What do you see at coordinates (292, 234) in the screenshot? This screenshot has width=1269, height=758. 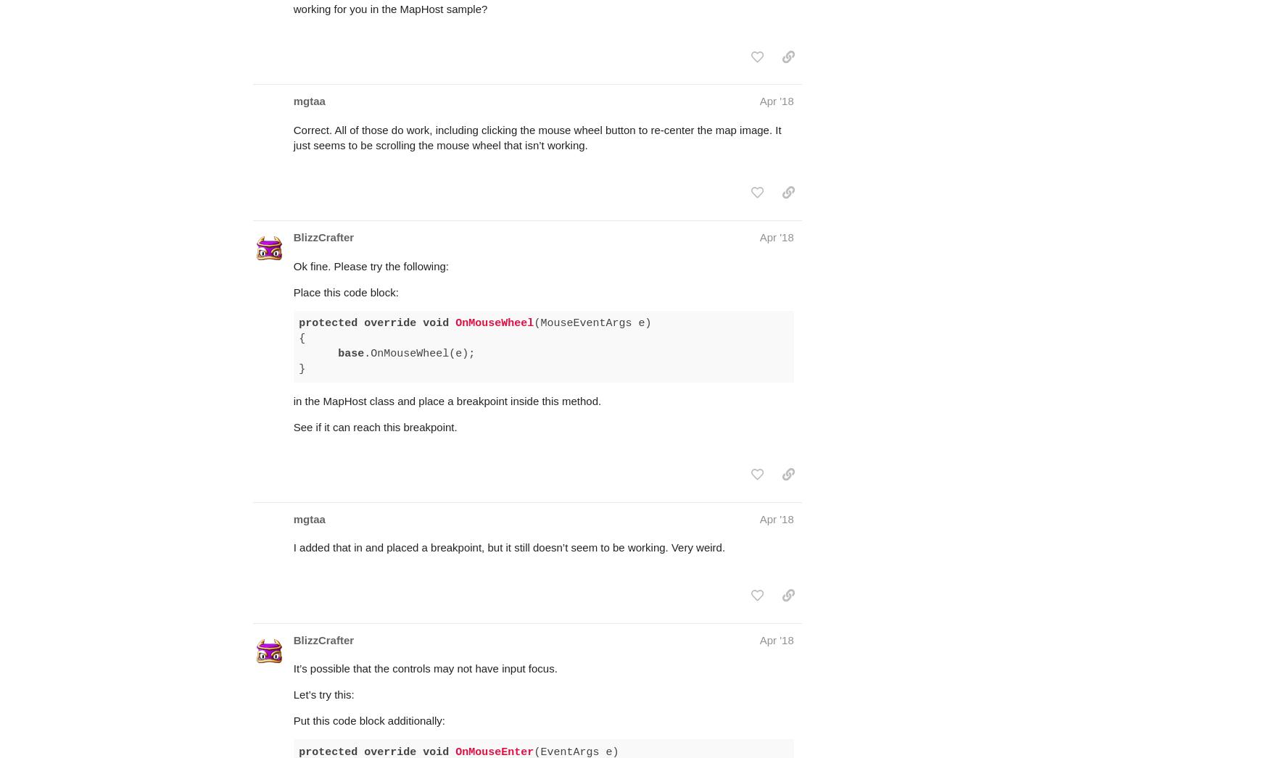 I see `'Place this code block:'` at bounding box center [292, 234].